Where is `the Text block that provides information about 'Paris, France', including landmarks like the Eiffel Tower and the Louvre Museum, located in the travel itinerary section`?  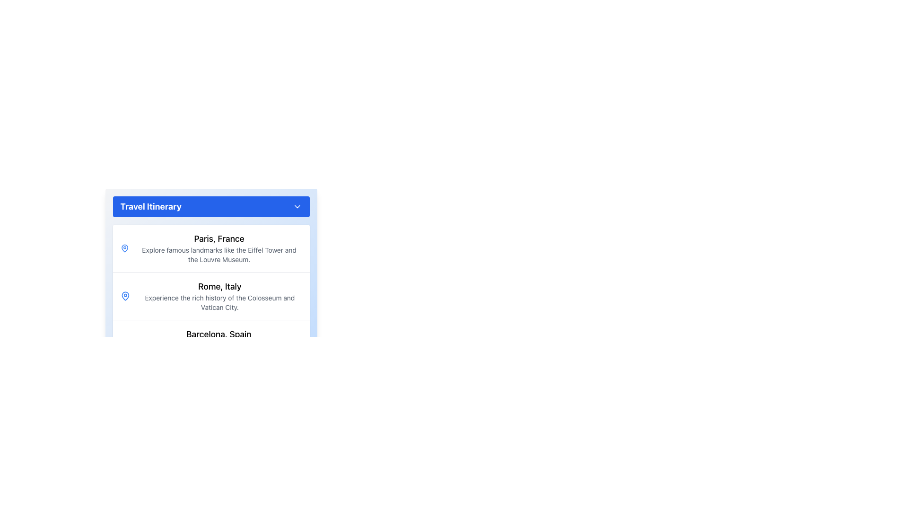
the Text block that provides information about 'Paris, France', including landmarks like the Eiffel Tower and the Louvre Museum, located in the travel itinerary section is located at coordinates (218, 247).